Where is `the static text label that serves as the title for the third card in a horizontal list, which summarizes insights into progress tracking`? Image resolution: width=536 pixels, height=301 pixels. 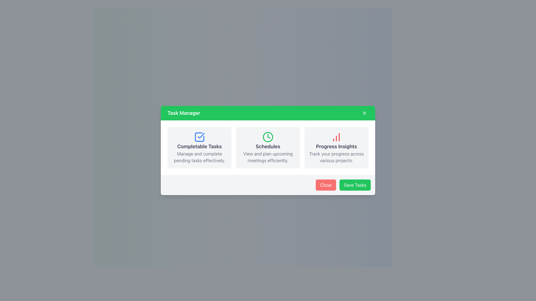 the static text label that serves as the title for the third card in a horizontal list, which summarizes insights into progress tracking is located at coordinates (336, 146).